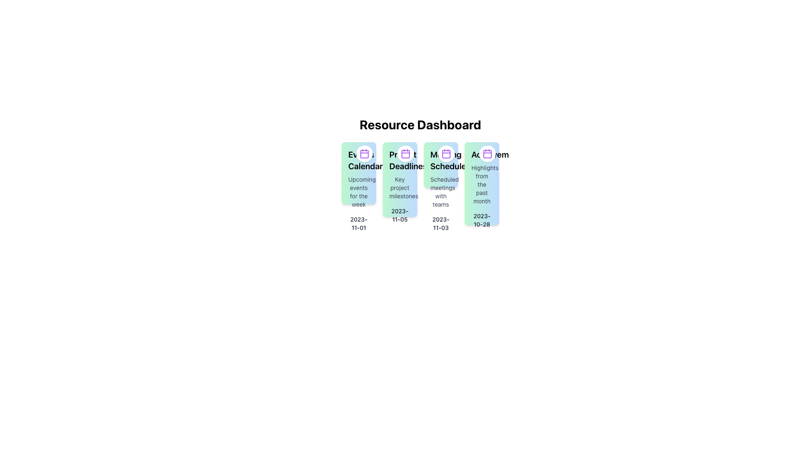  I want to click on the calendar icon located in the top-right corner of the third column card labeled 'Meeting Schedule', so click(446, 154).